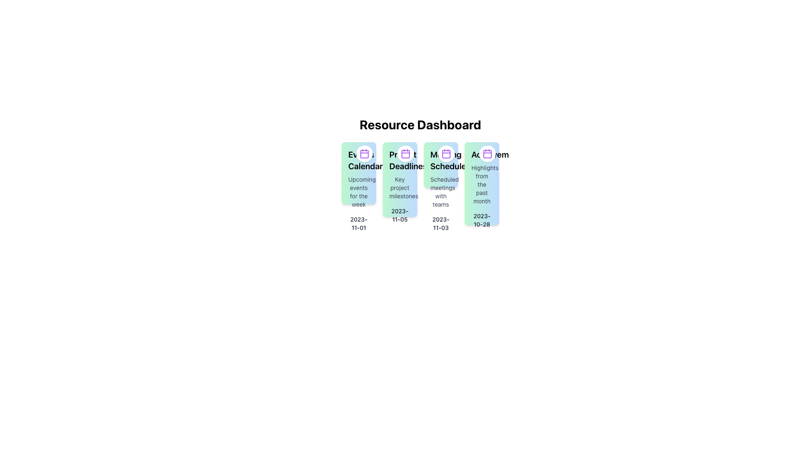  I want to click on the calendar icon located in the top-right corner of the third column card labeled 'Meeting Schedule', so click(446, 154).